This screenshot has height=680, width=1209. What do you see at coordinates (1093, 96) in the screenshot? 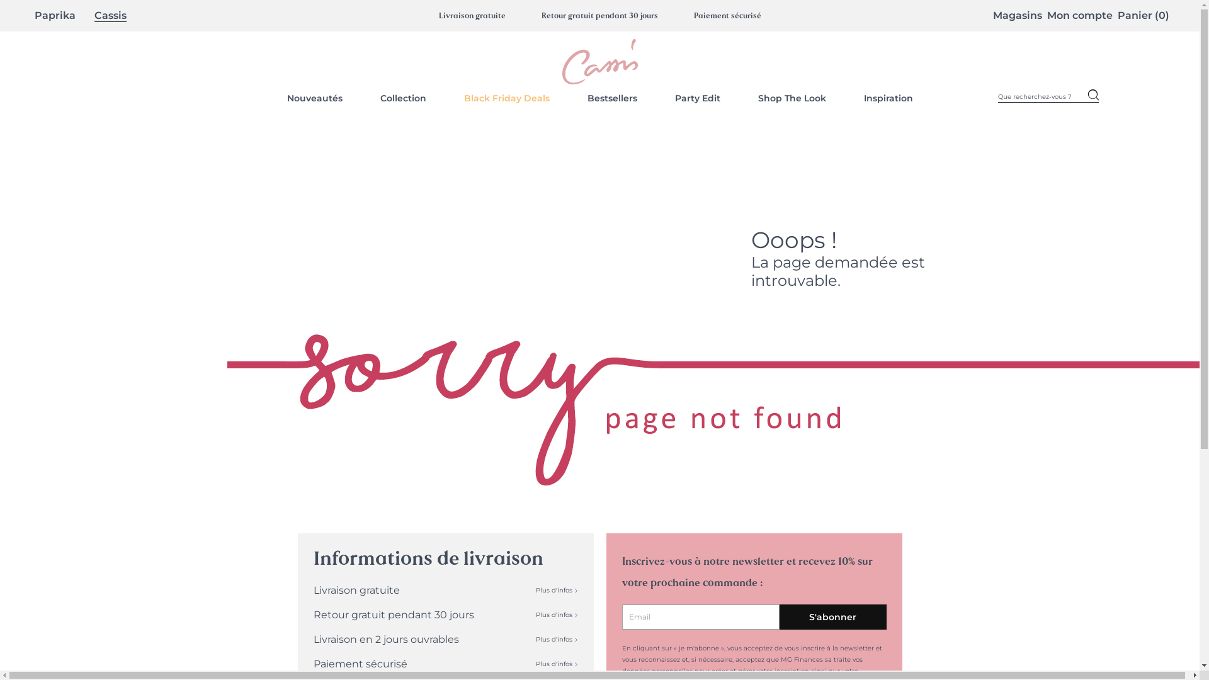
I see `'RECHERCHER'` at bounding box center [1093, 96].